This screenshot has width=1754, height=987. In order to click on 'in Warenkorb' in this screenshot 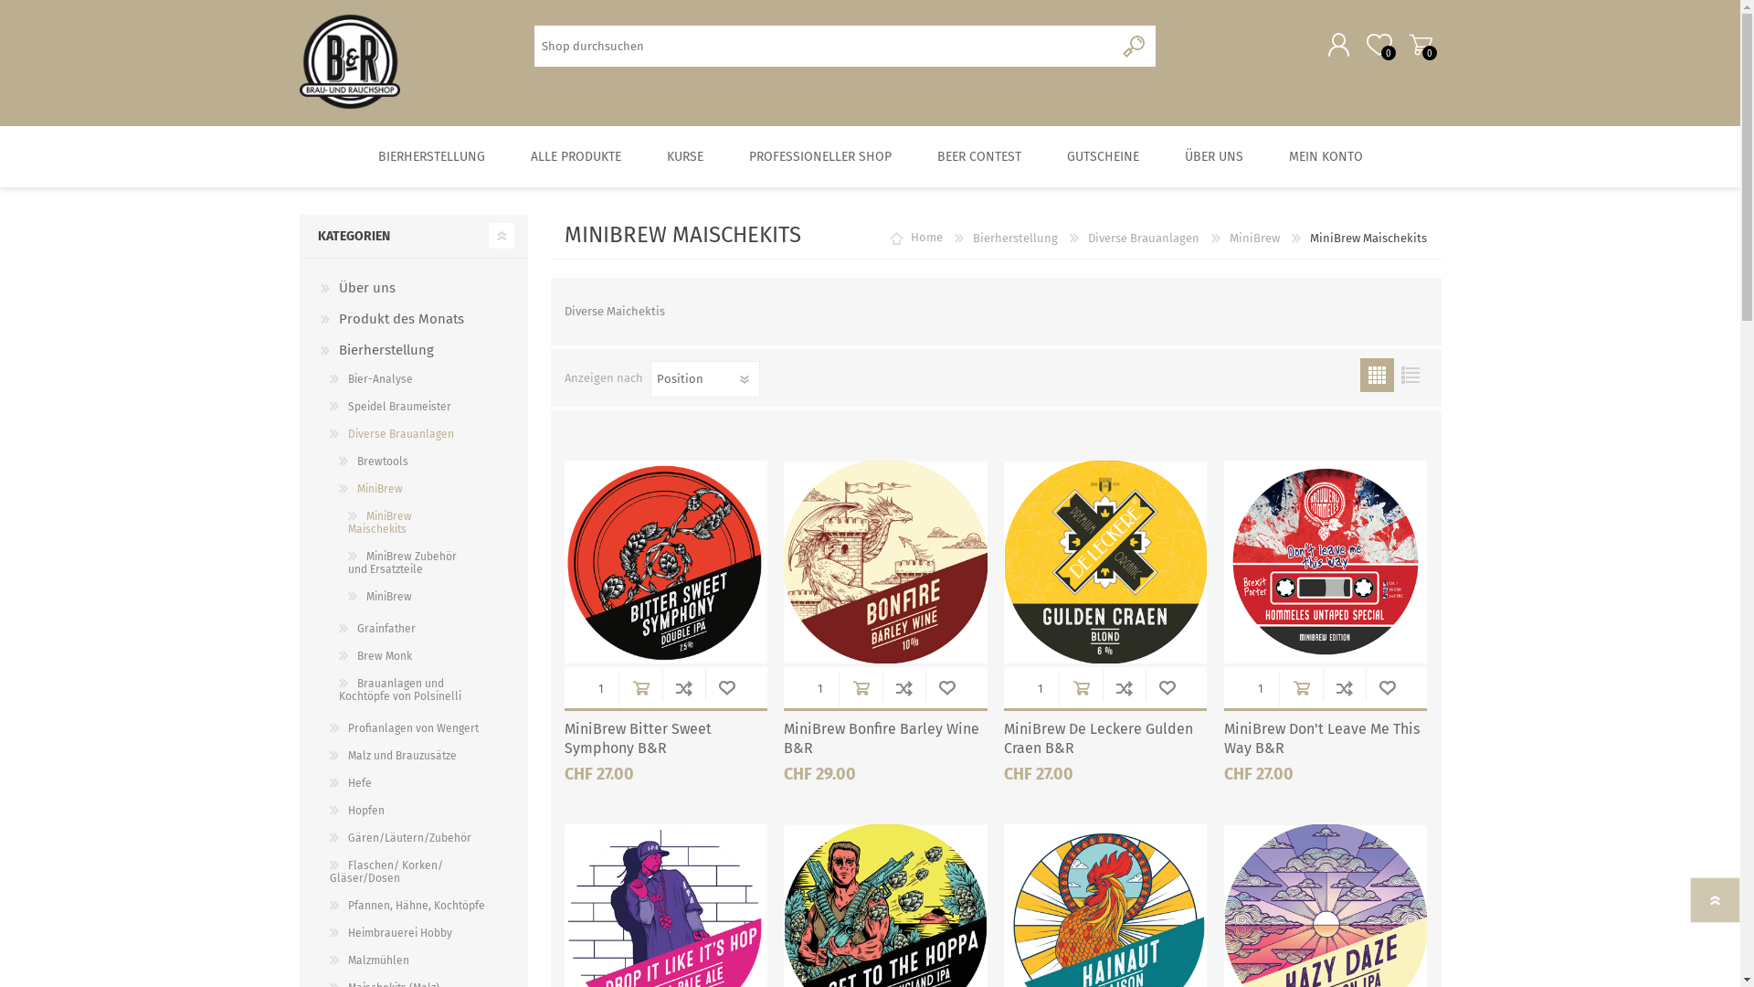, I will do `click(860, 687)`.